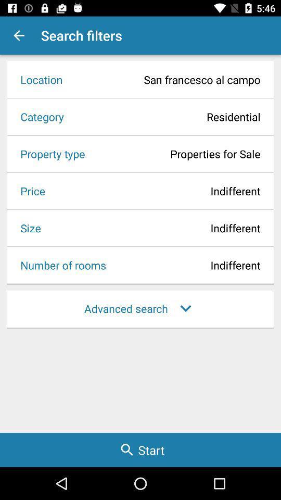 This screenshot has width=281, height=500. What do you see at coordinates (165, 79) in the screenshot?
I see `the icon to the right of location item` at bounding box center [165, 79].